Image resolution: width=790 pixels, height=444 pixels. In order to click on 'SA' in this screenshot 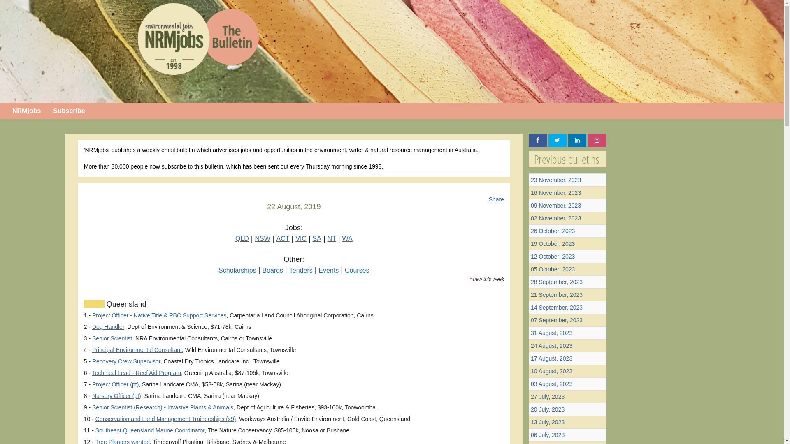, I will do `click(316, 238)`.